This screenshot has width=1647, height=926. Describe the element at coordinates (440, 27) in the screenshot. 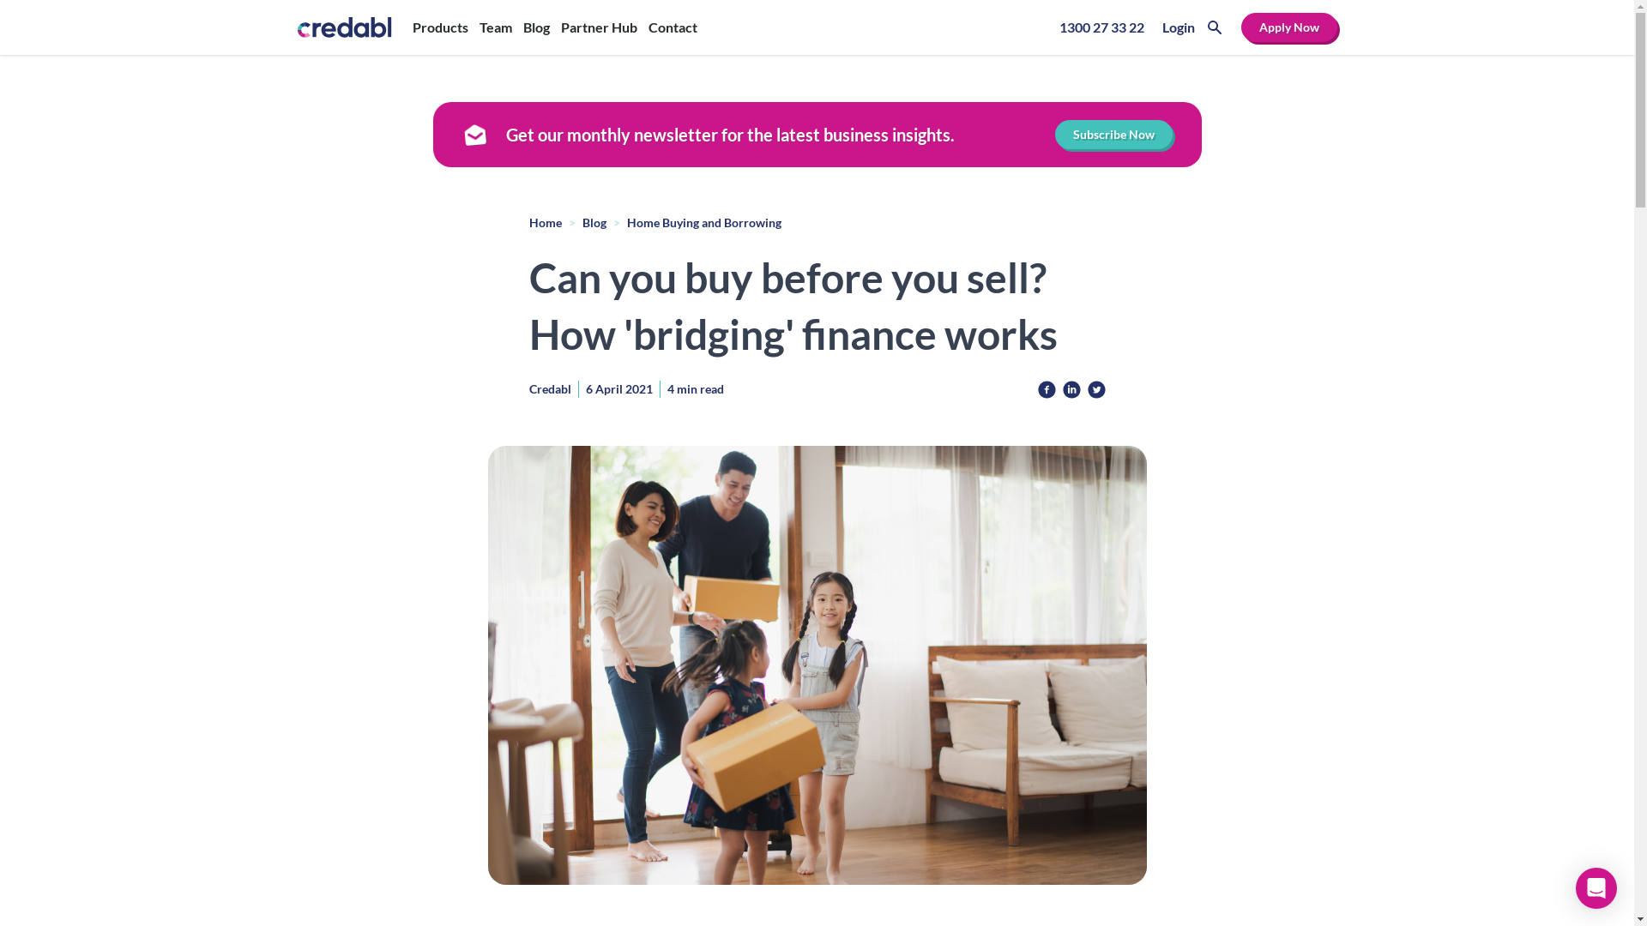

I see `'Products'` at that location.